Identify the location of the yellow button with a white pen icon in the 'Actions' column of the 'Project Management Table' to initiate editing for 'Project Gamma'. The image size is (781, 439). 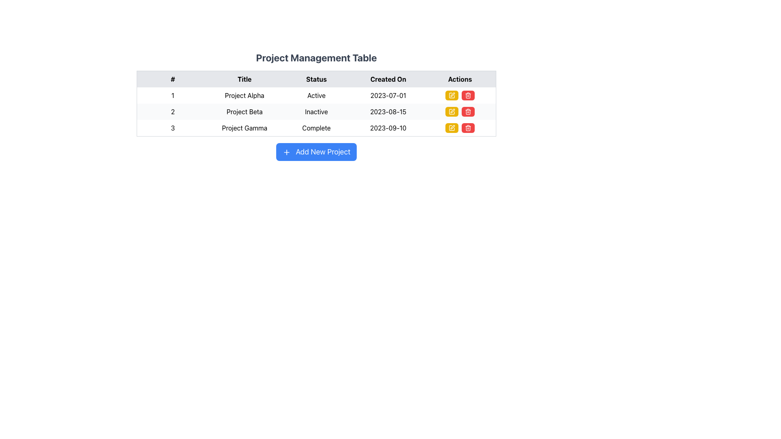
(451, 128).